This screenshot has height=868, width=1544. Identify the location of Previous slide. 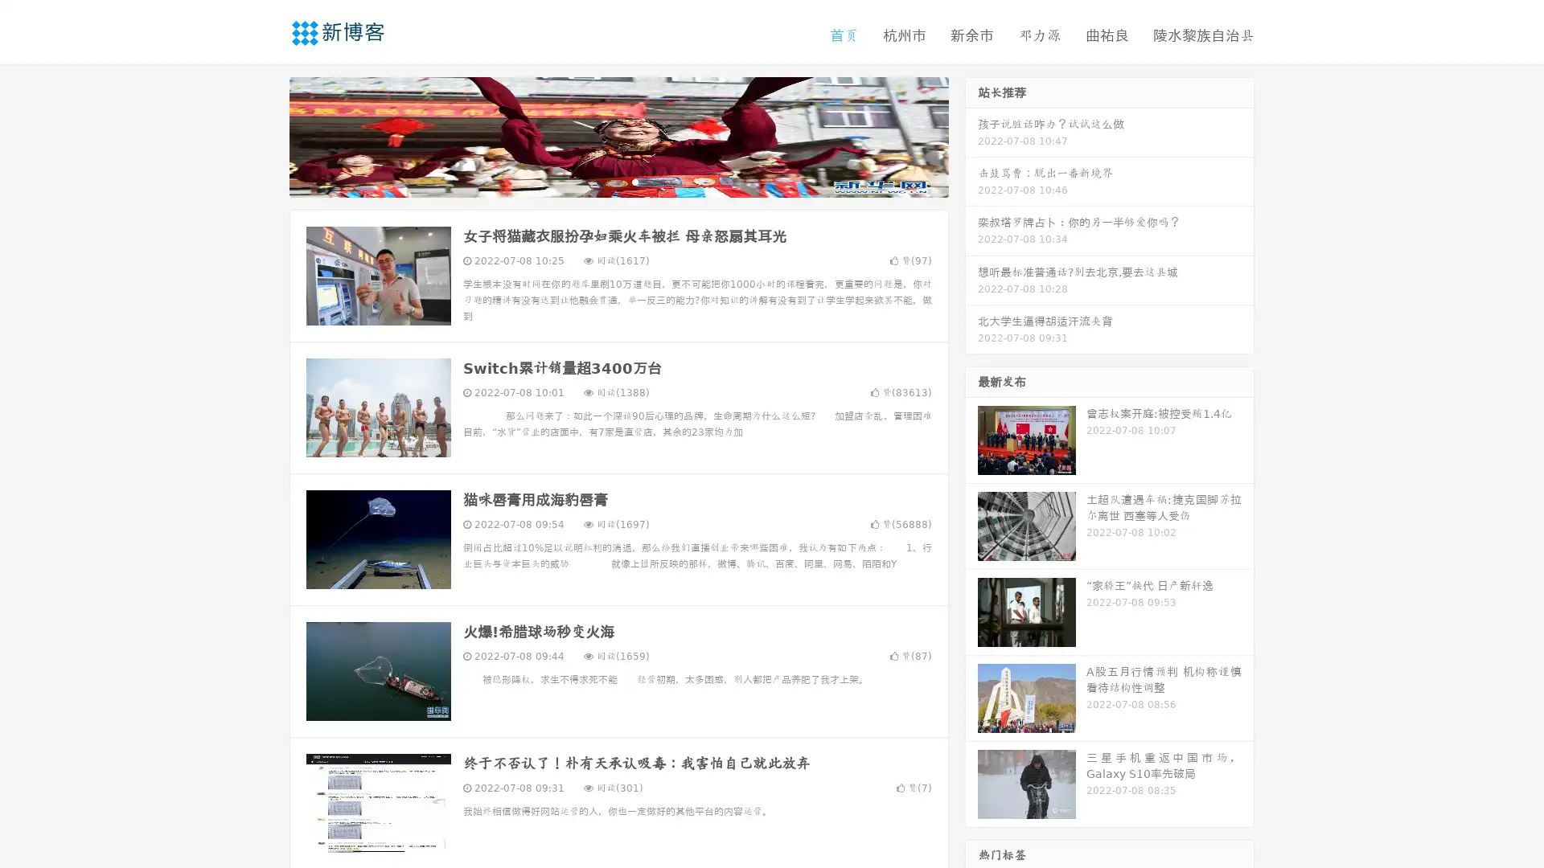
(265, 135).